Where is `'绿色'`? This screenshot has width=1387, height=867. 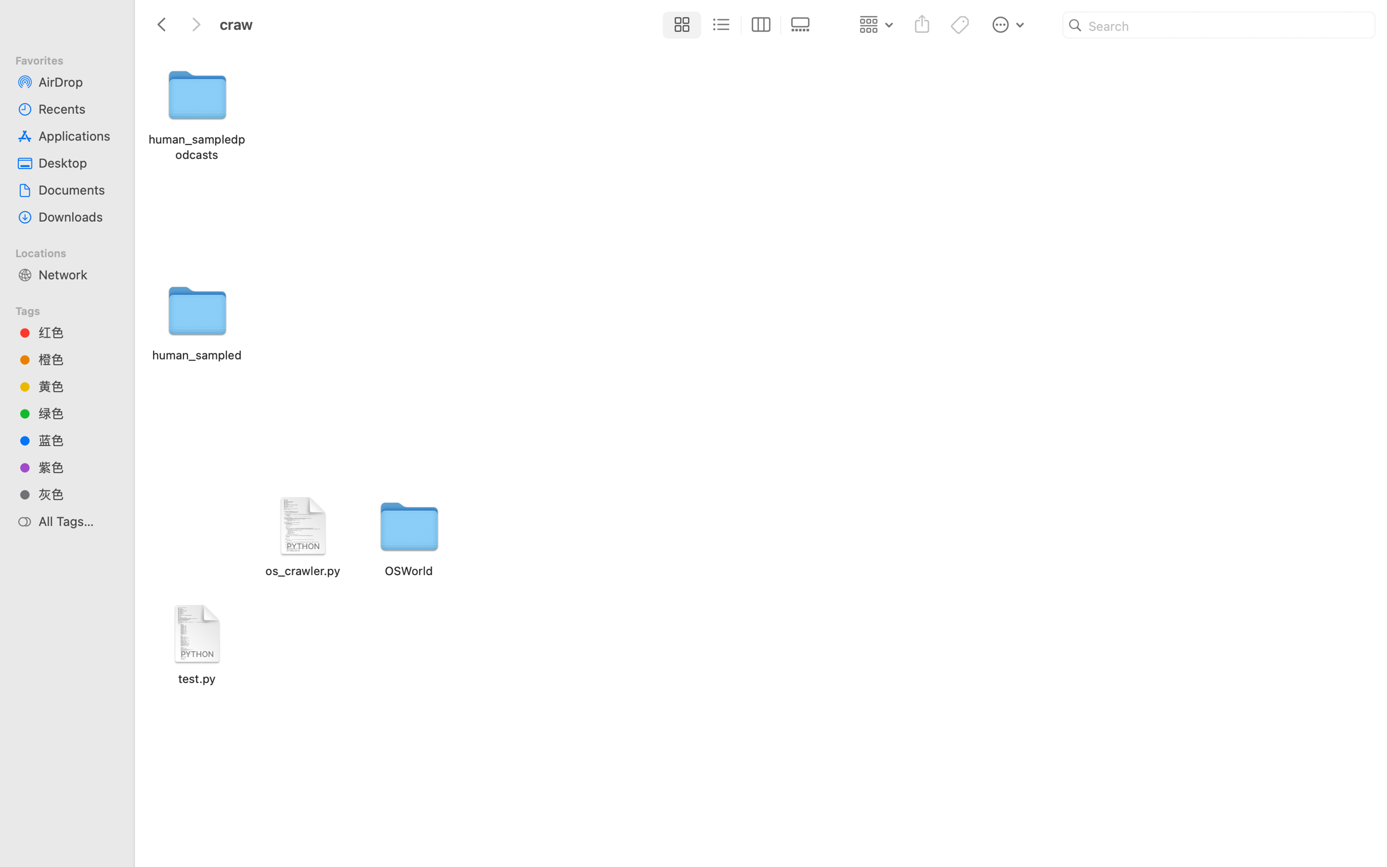
'绿色' is located at coordinates (77, 413).